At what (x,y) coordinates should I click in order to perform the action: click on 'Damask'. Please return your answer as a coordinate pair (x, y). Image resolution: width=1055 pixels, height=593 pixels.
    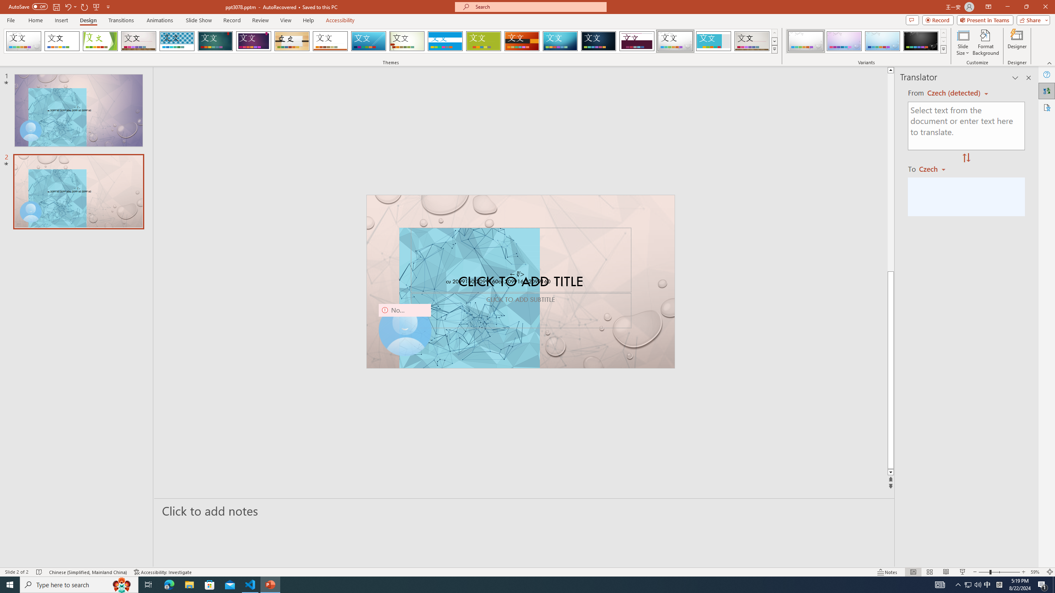
    Looking at the image, I should click on (598, 41).